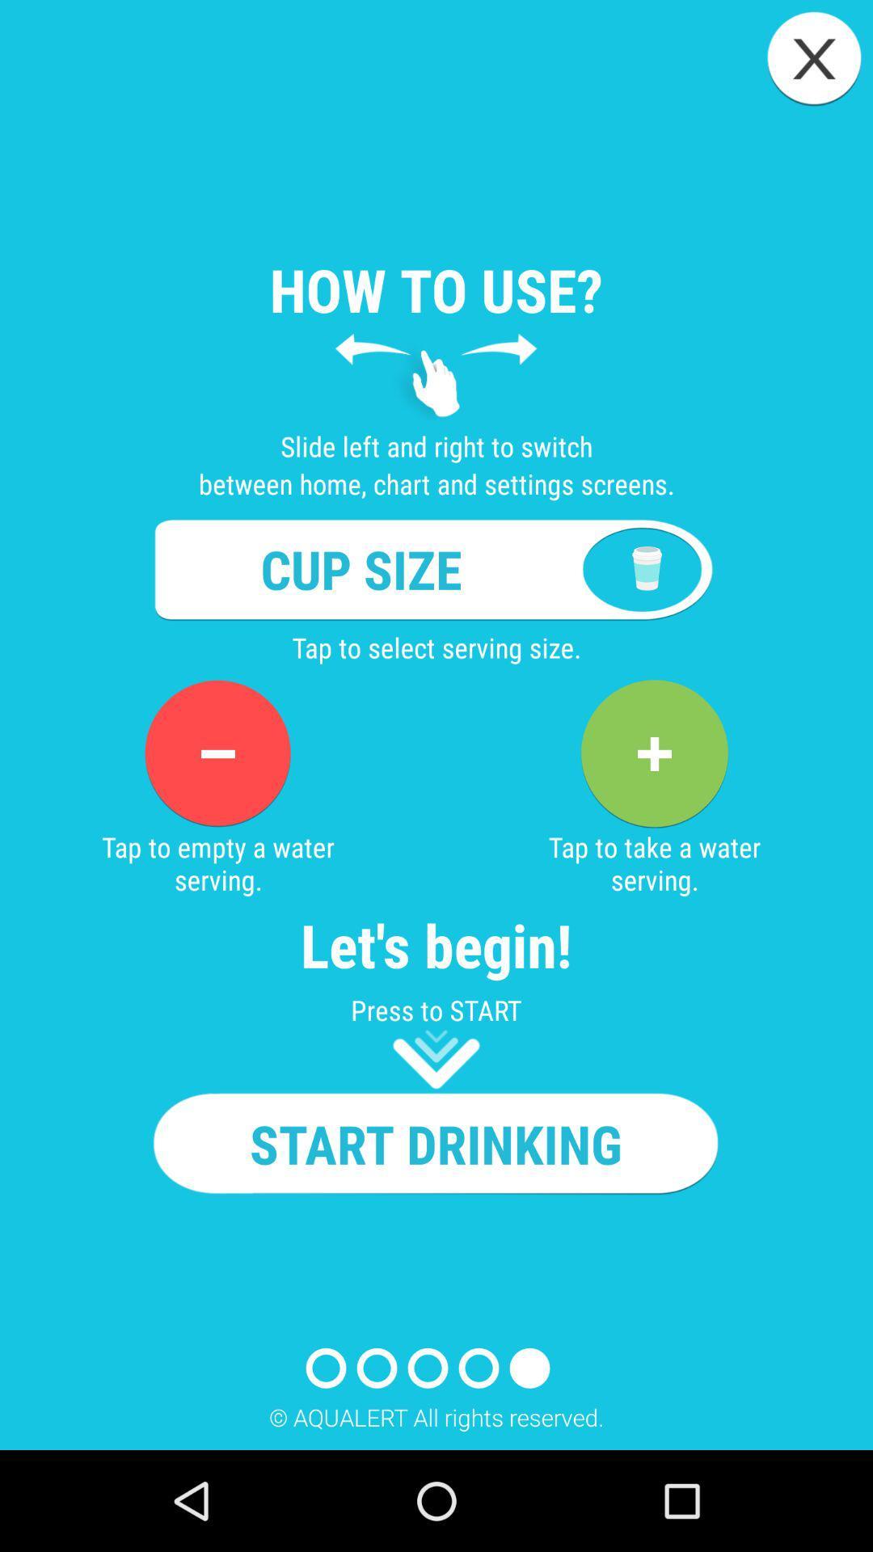 The height and width of the screenshot is (1552, 873). Describe the element at coordinates (653, 753) in the screenshot. I see `item below the tap to select item` at that location.